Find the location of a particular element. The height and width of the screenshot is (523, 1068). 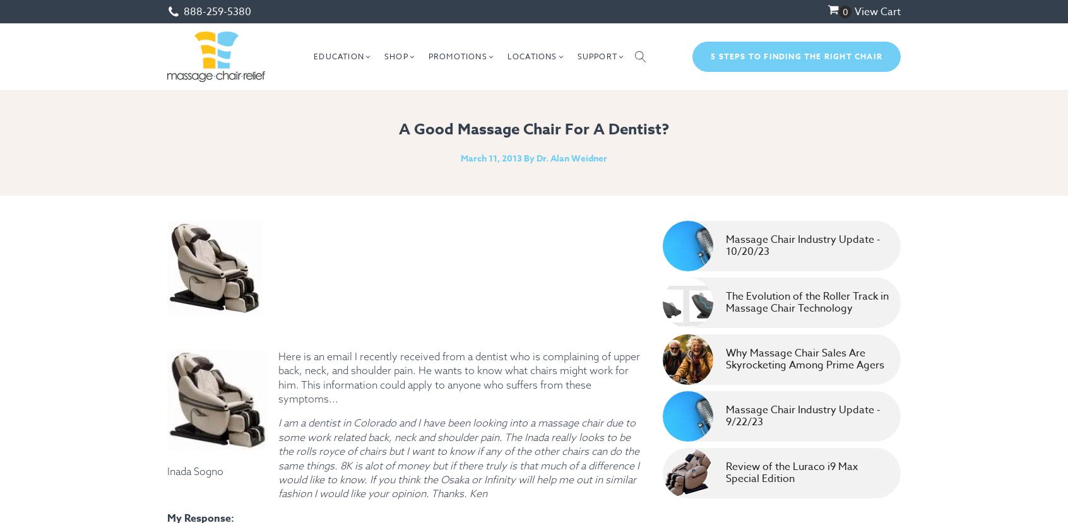

'90-Day Satisfaction Guarantee' is located at coordinates (655, 201).